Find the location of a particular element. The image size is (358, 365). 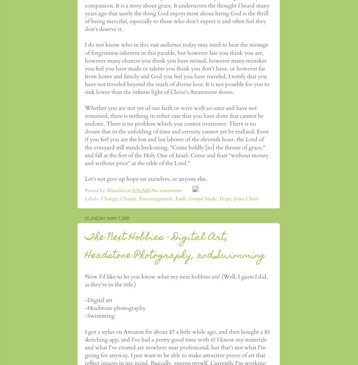

'Posted by' is located at coordinates (96, 190).